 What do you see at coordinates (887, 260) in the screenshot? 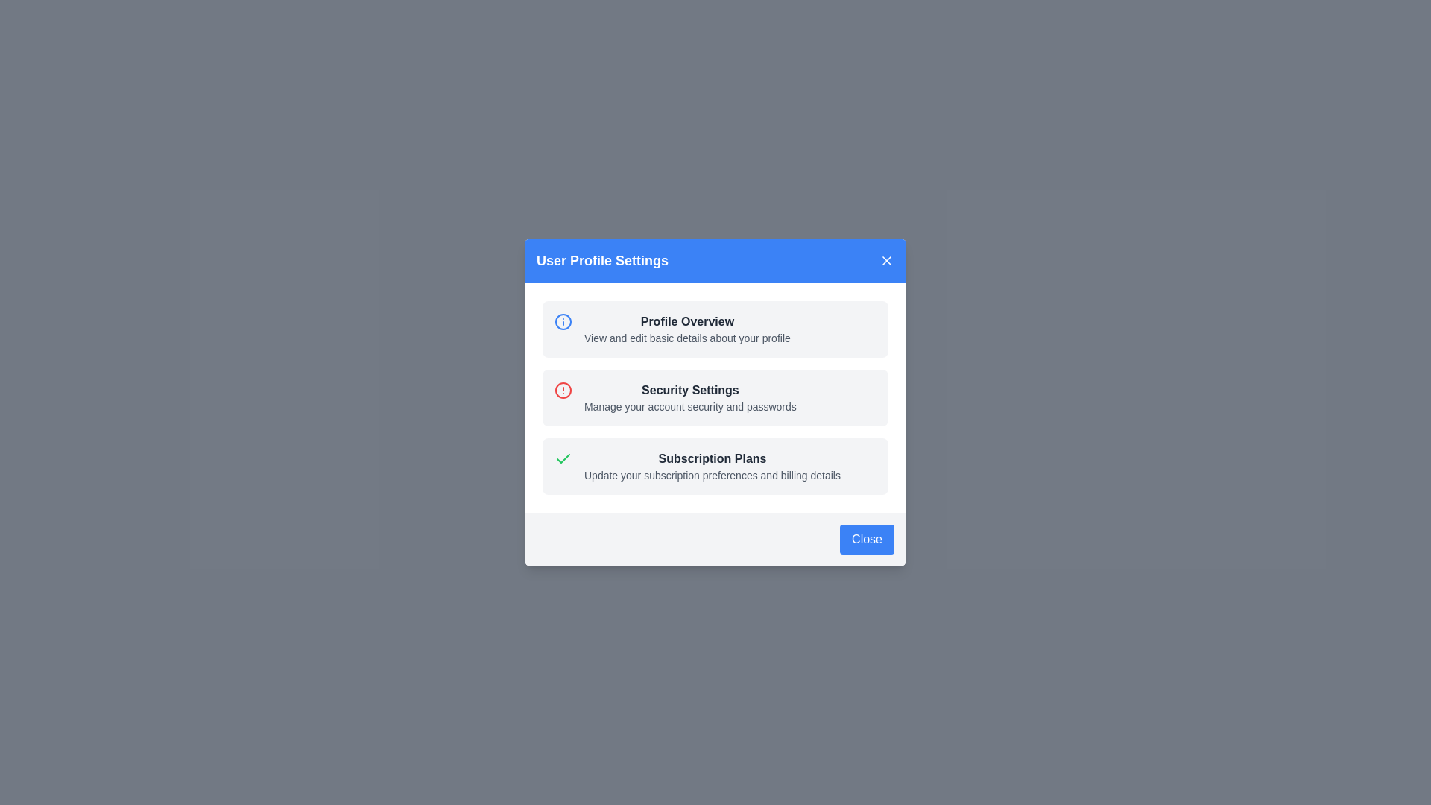
I see `the close button to close the dialog` at bounding box center [887, 260].